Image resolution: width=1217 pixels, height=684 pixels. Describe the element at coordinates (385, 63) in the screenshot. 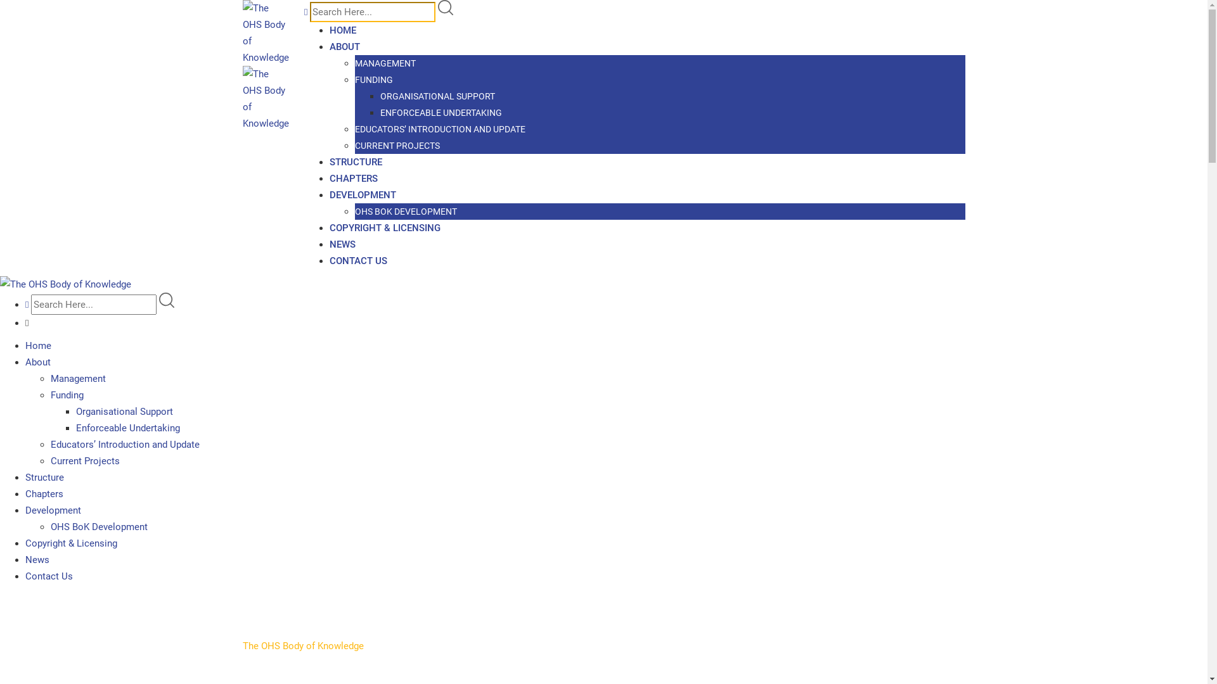

I see `'MANAGEMENT'` at that location.